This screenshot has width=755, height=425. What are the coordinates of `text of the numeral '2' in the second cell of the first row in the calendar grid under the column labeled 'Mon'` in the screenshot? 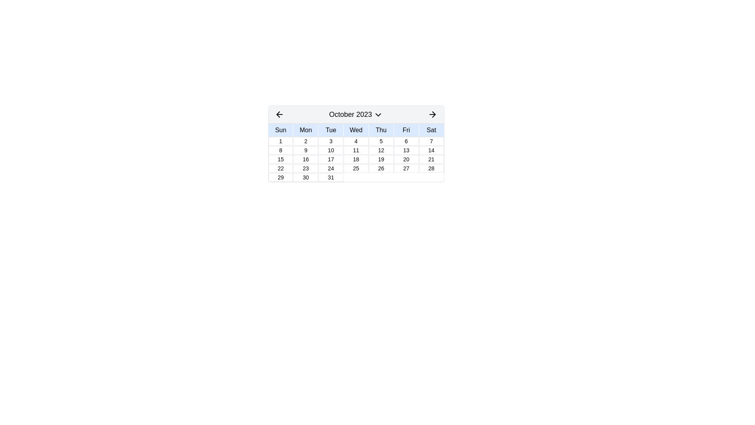 It's located at (305, 140).